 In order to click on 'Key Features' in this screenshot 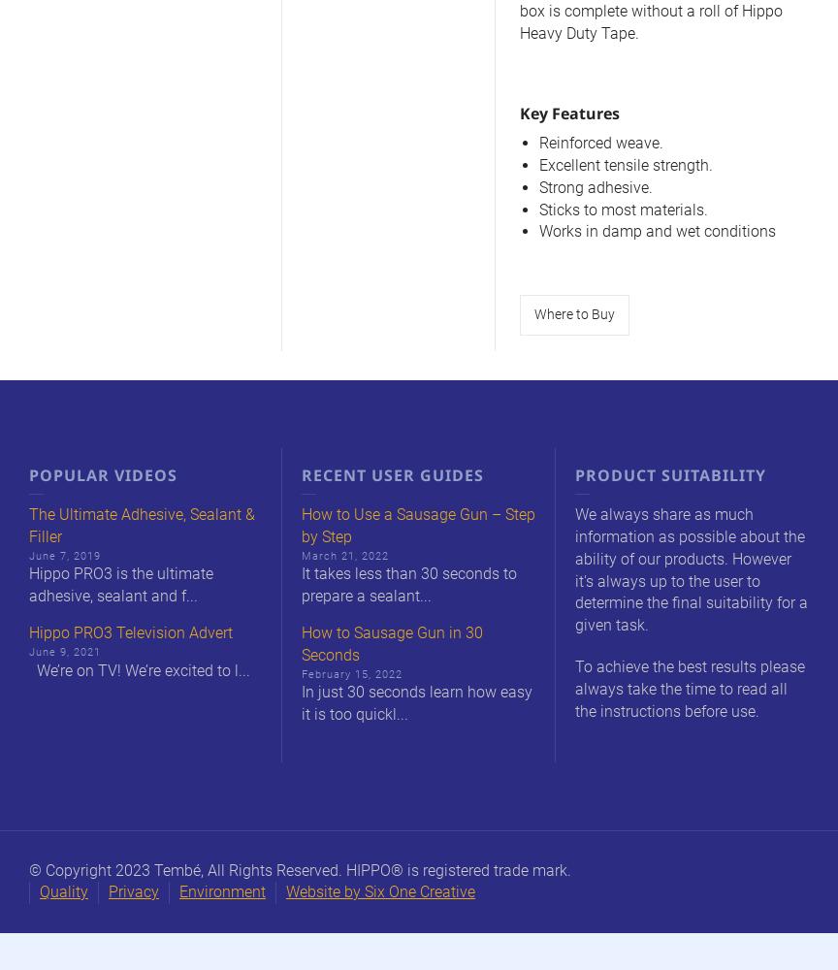, I will do `click(568, 113)`.